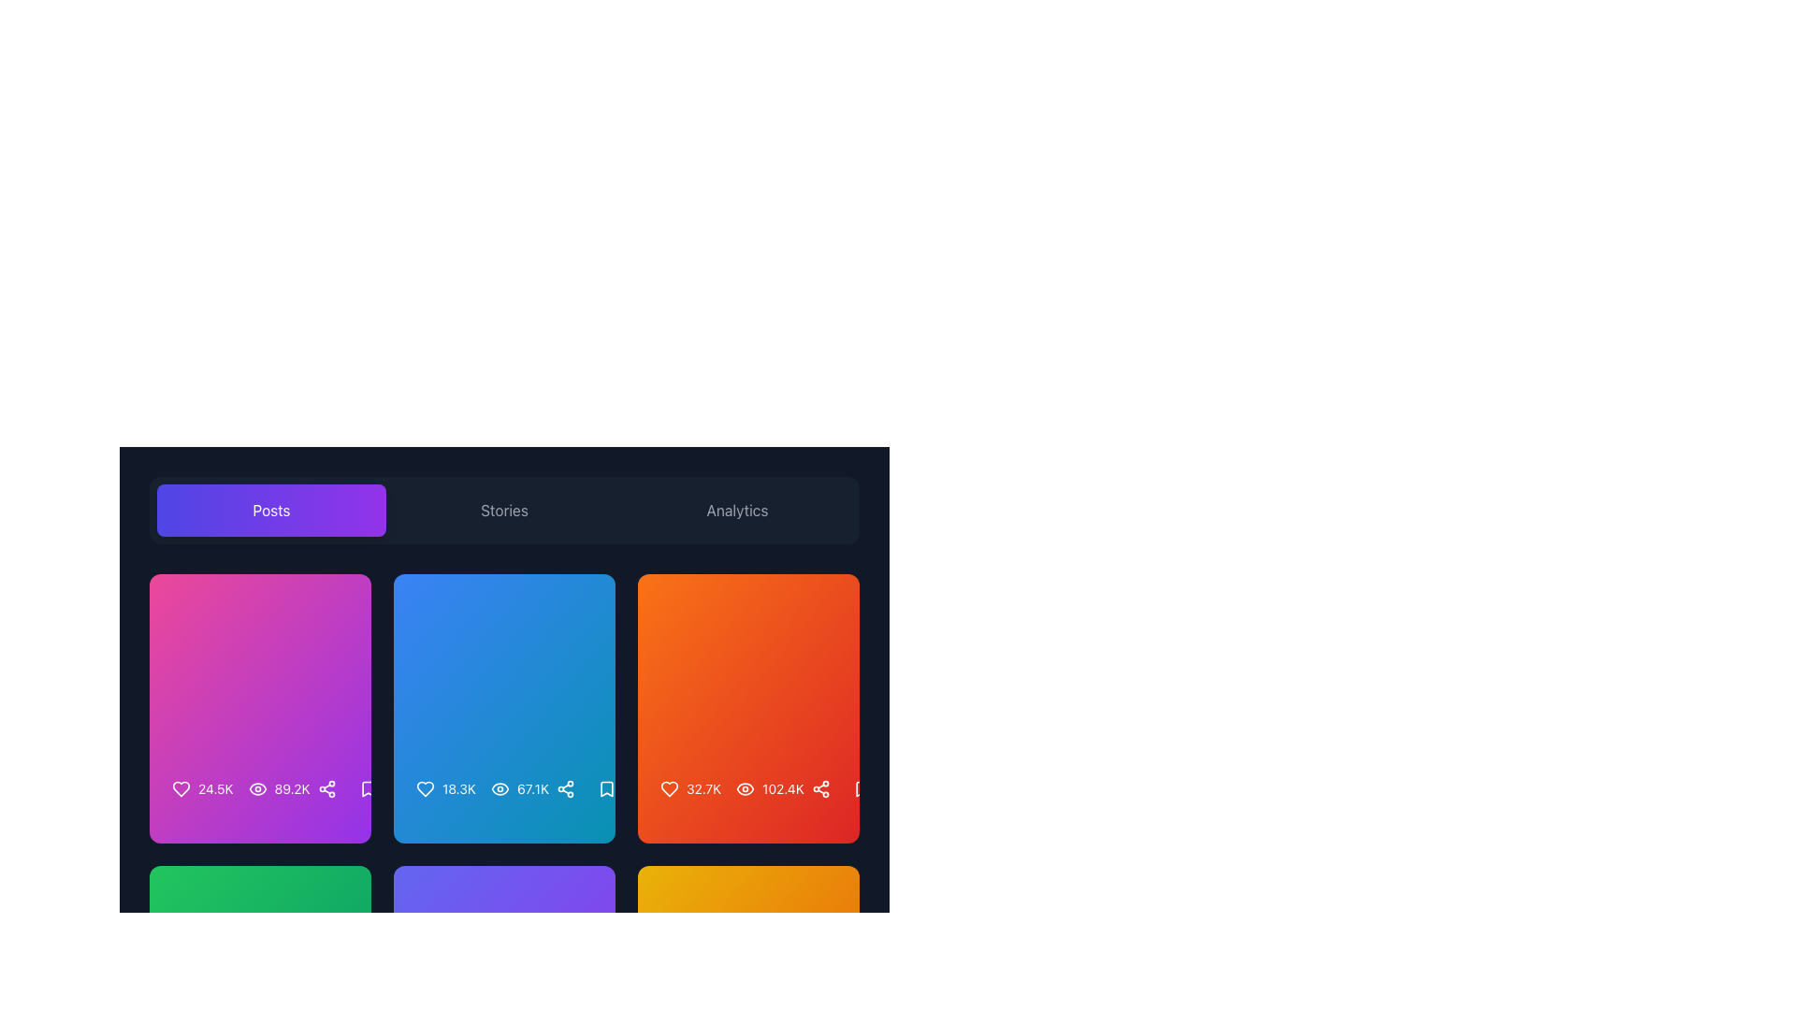 This screenshot has width=1796, height=1010. Describe the element at coordinates (368, 789) in the screenshot. I see `the bookmark-like icon button located at the bottom-right of the first card to bookmark the associated content` at that location.